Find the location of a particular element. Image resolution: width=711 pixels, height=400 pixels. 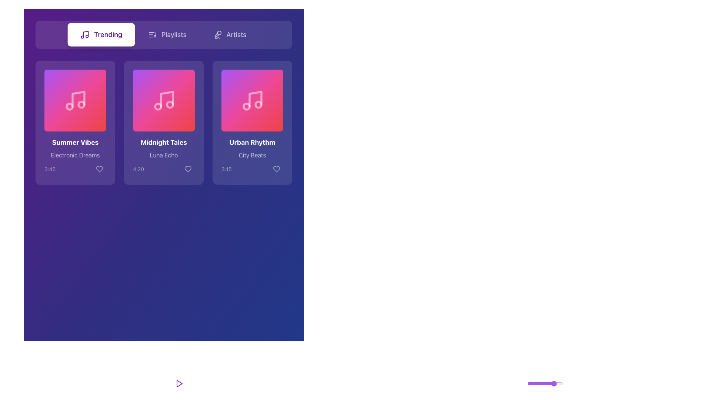

the static text element that displays the subtitle or artist name, located in the second column of the 'Trending' section, between the title 'Midnight Tales' and the timestamp '4:20' is located at coordinates (163, 155).